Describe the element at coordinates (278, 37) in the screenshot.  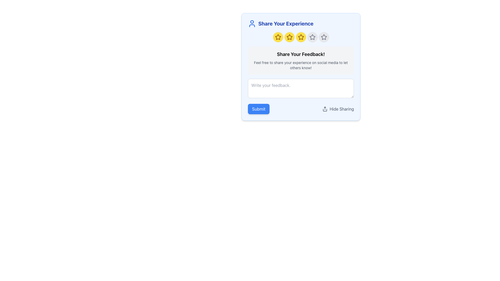
I see `the first yellow star icon in the rating section, which is positioned at the top center of the feedback area` at that location.